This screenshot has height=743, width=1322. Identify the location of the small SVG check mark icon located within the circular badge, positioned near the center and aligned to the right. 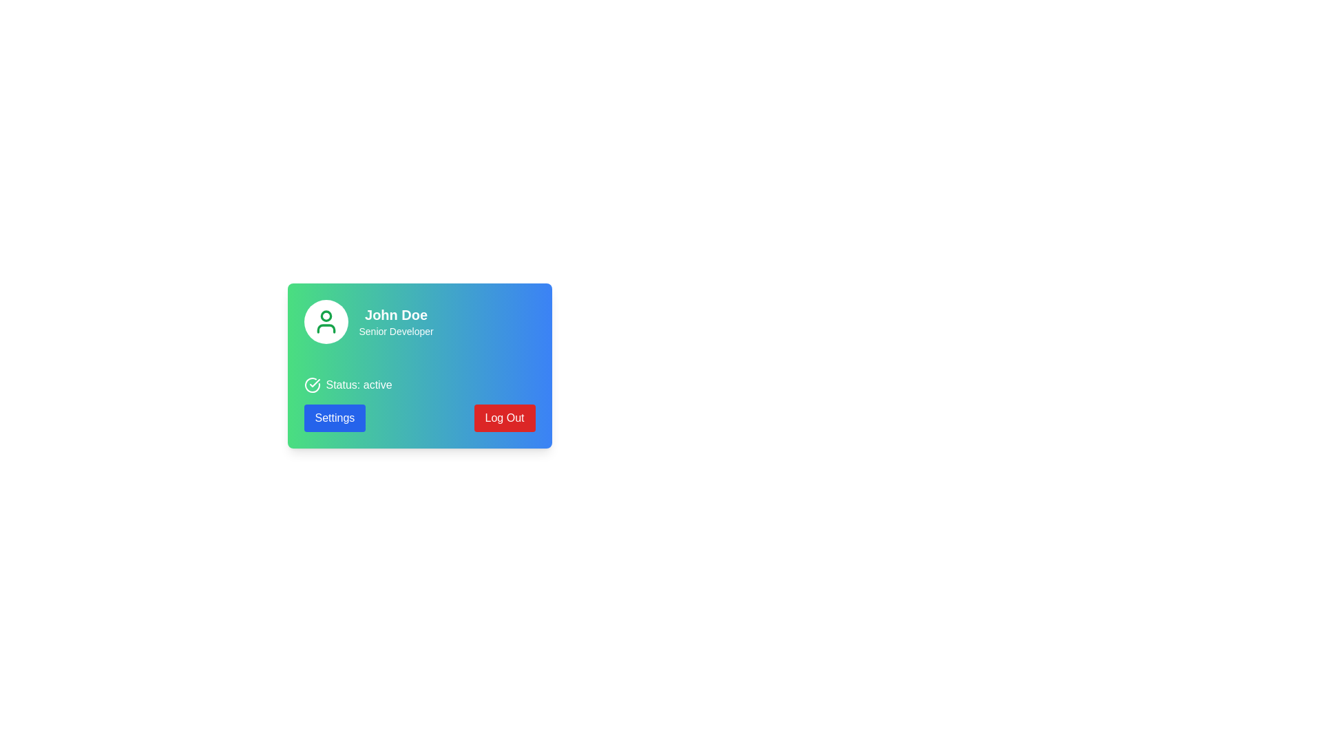
(313, 383).